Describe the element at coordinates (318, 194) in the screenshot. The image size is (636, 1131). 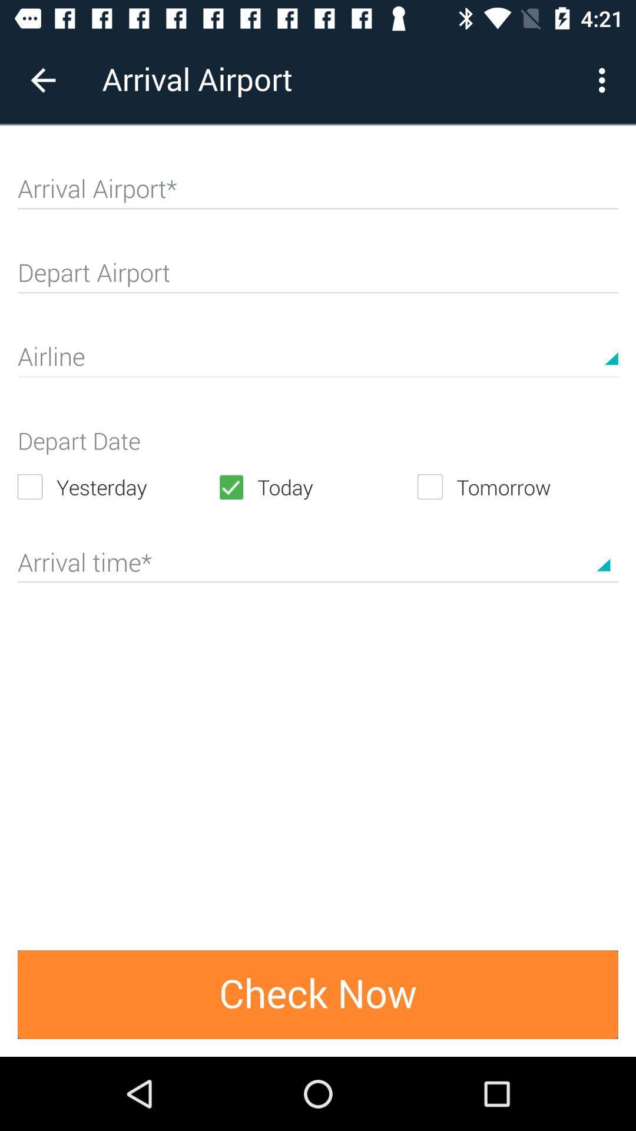
I see `type in airport` at that location.